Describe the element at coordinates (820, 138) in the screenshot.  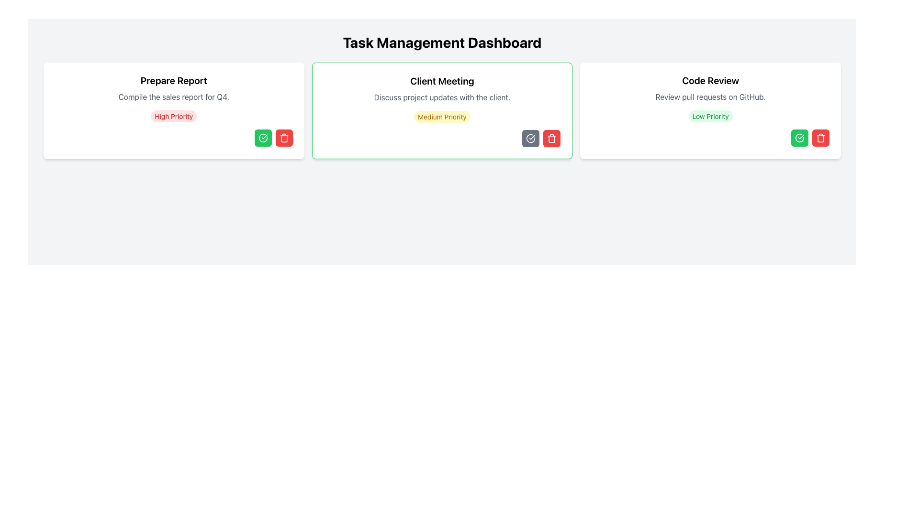
I see `the red rectangular button with rounded corners and a trash icon, located at the bottom right corner of the 'Code Review' task card` at that location.